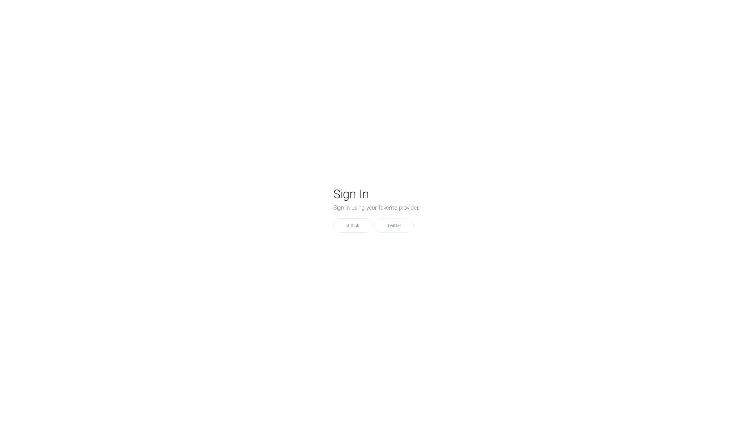 This screenshot has height=424, width=753. Describe the element at coordinates (352, 225) in the screenshot. I see `Github` at that location.